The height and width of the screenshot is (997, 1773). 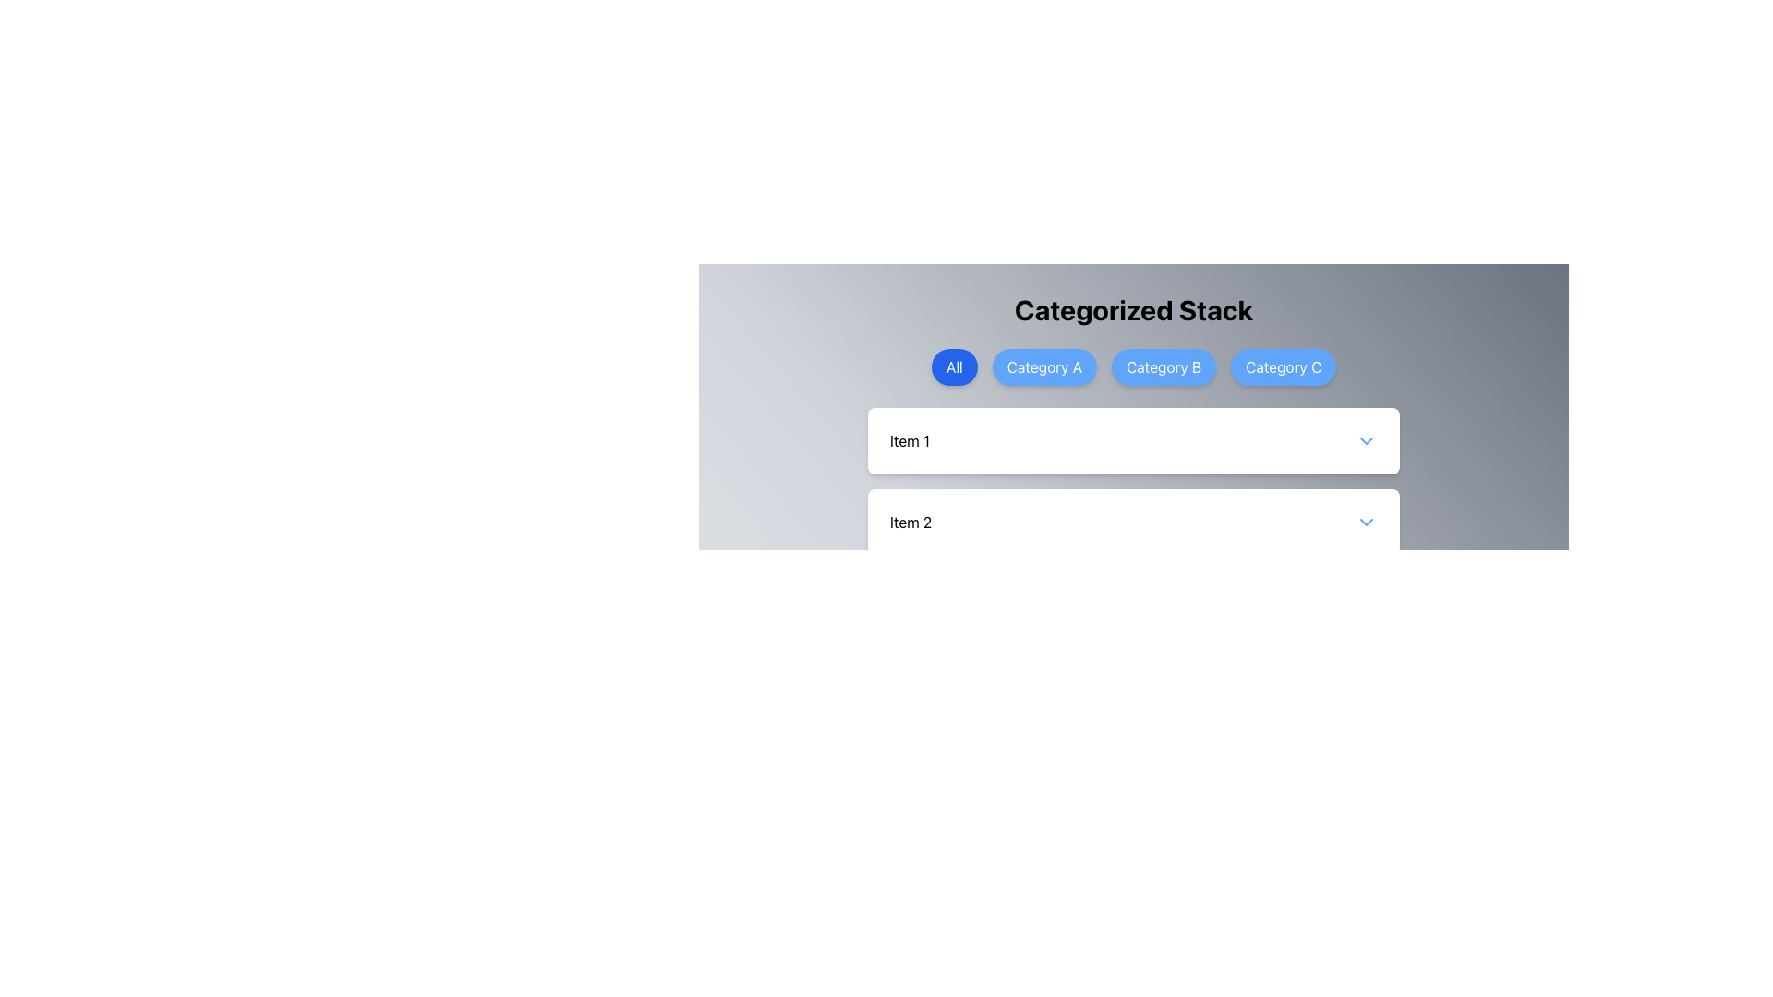 What do you see at coordinates (1133, 366) in the screenshot?
I see `the button that applies the 'Category B' filter located directly beneath the title 'Categorized Stack', which is the third button from the left between 'Category A' and 'Category C'` at bounding box center [1133, 366].